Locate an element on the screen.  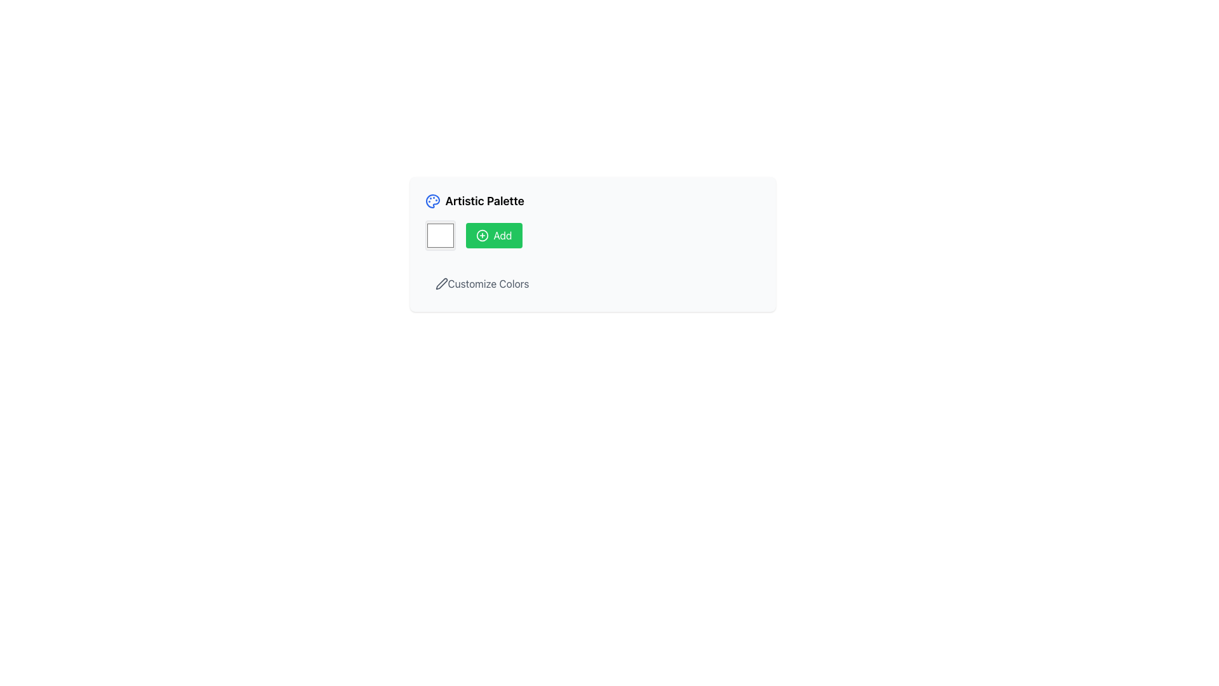
the pen icon associated with the 'Customize Colors' menu item, located to the left of the text label is located at coordinates (441, 283).